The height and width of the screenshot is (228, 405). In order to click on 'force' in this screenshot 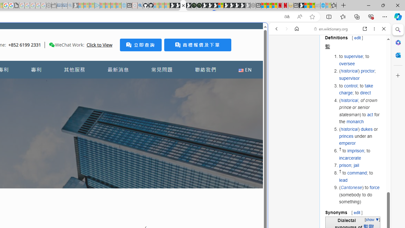, I will do `click(375, 187)`.